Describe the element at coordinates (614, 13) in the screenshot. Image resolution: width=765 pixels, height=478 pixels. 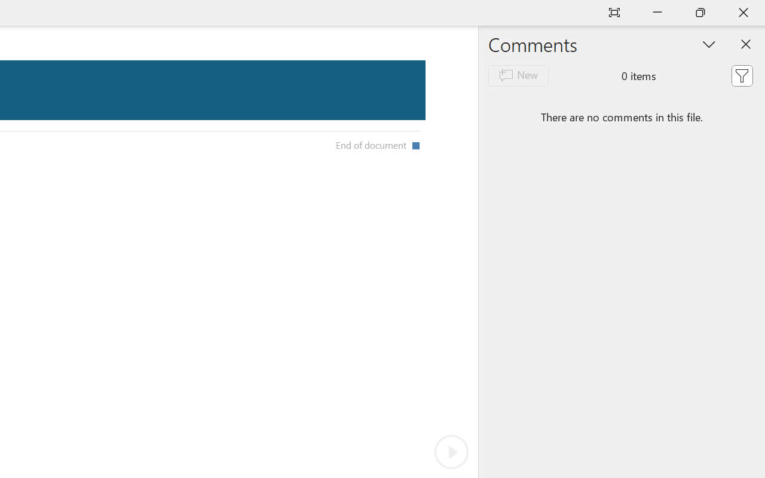
I see `'Auto-hide Reading Toolbar'` at that location.